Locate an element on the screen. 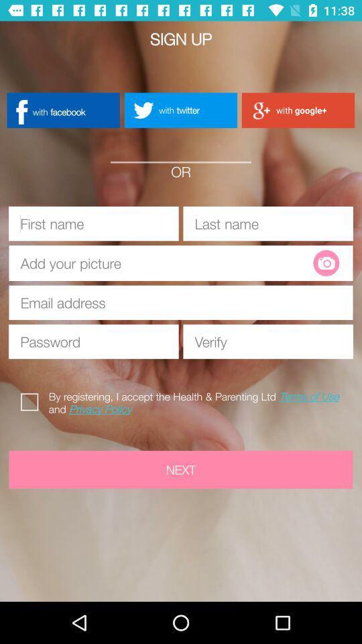 Image resolution: width=362 pixels, height=644 pixels. with google+ button is located at coordinates (298, 109).